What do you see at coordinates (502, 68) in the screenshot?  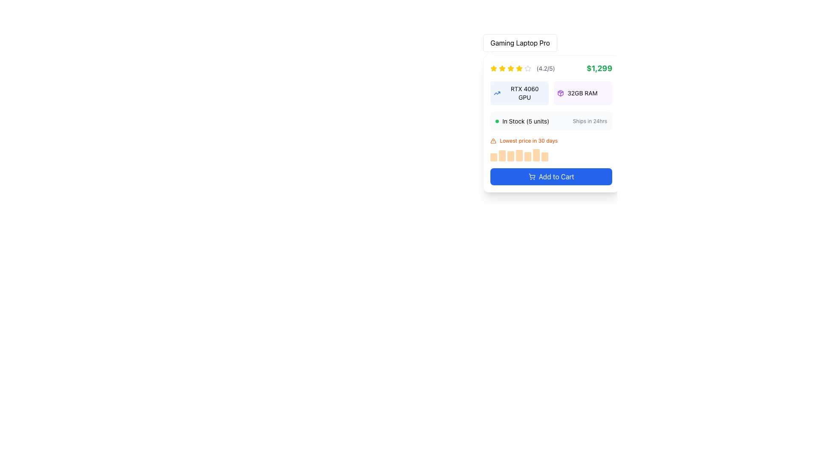 I see `the first star icon for rating functionality, which visually represents one of the rating stars for the product, located at the top left corner of the product card` at bounding box center [502, 68].